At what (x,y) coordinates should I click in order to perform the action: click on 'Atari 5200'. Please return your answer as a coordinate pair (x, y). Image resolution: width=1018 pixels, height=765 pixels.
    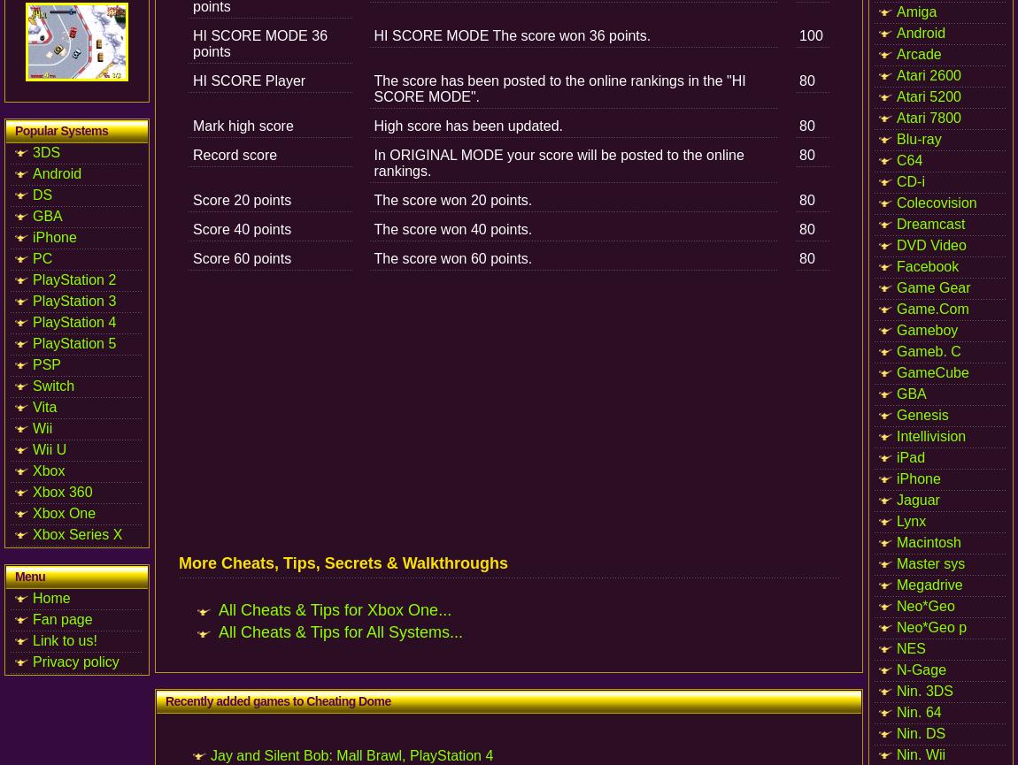
    Looking at the image, I should click on (929, 96).